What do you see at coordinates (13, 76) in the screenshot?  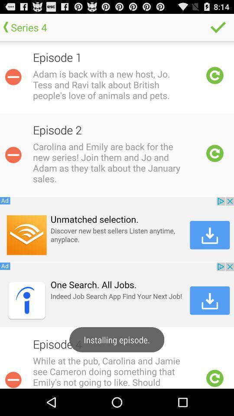 I see `remove` at bounding box center [13, 76].